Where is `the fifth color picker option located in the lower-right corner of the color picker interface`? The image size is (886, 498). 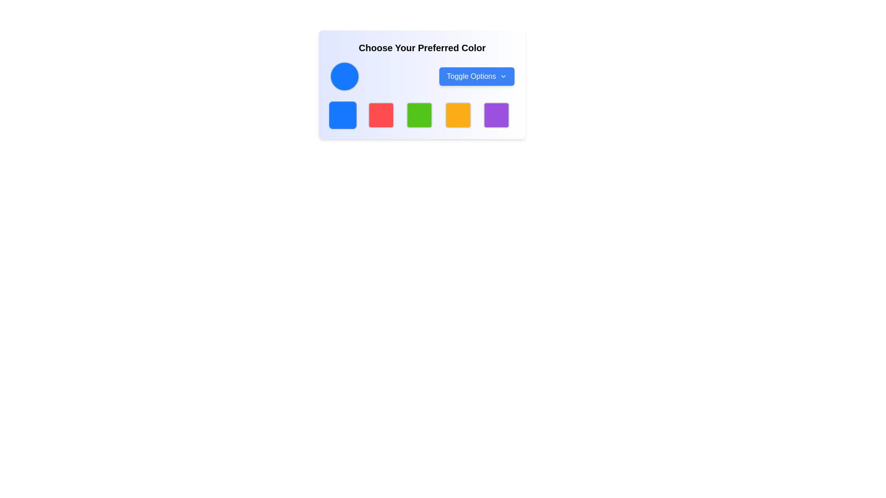 the fifth color picker option located in the lower-right corner of the color picker interface is located at coordinates (496, 115).